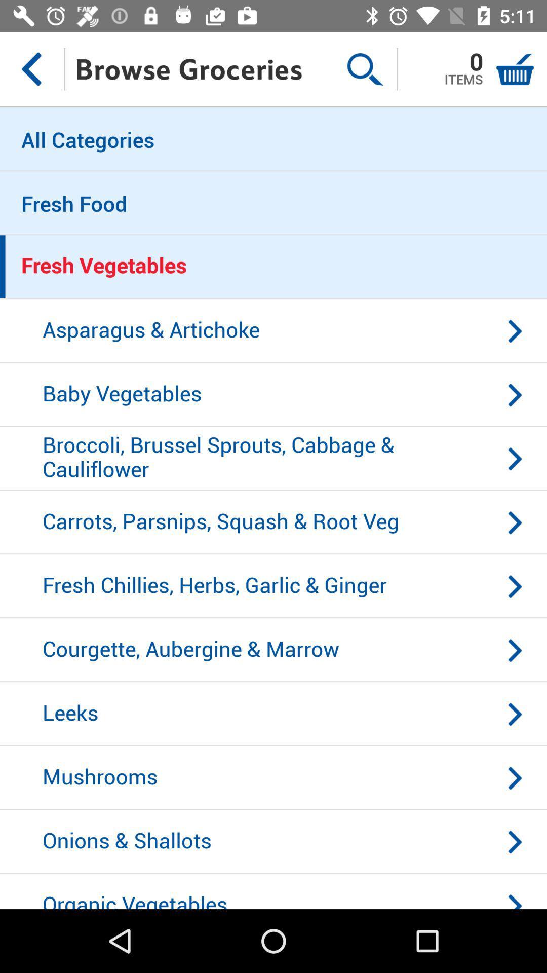  Describe the element at coordinates (273, 586) in the screenshot. I see `icon below carrots parsnips squash` at that location.